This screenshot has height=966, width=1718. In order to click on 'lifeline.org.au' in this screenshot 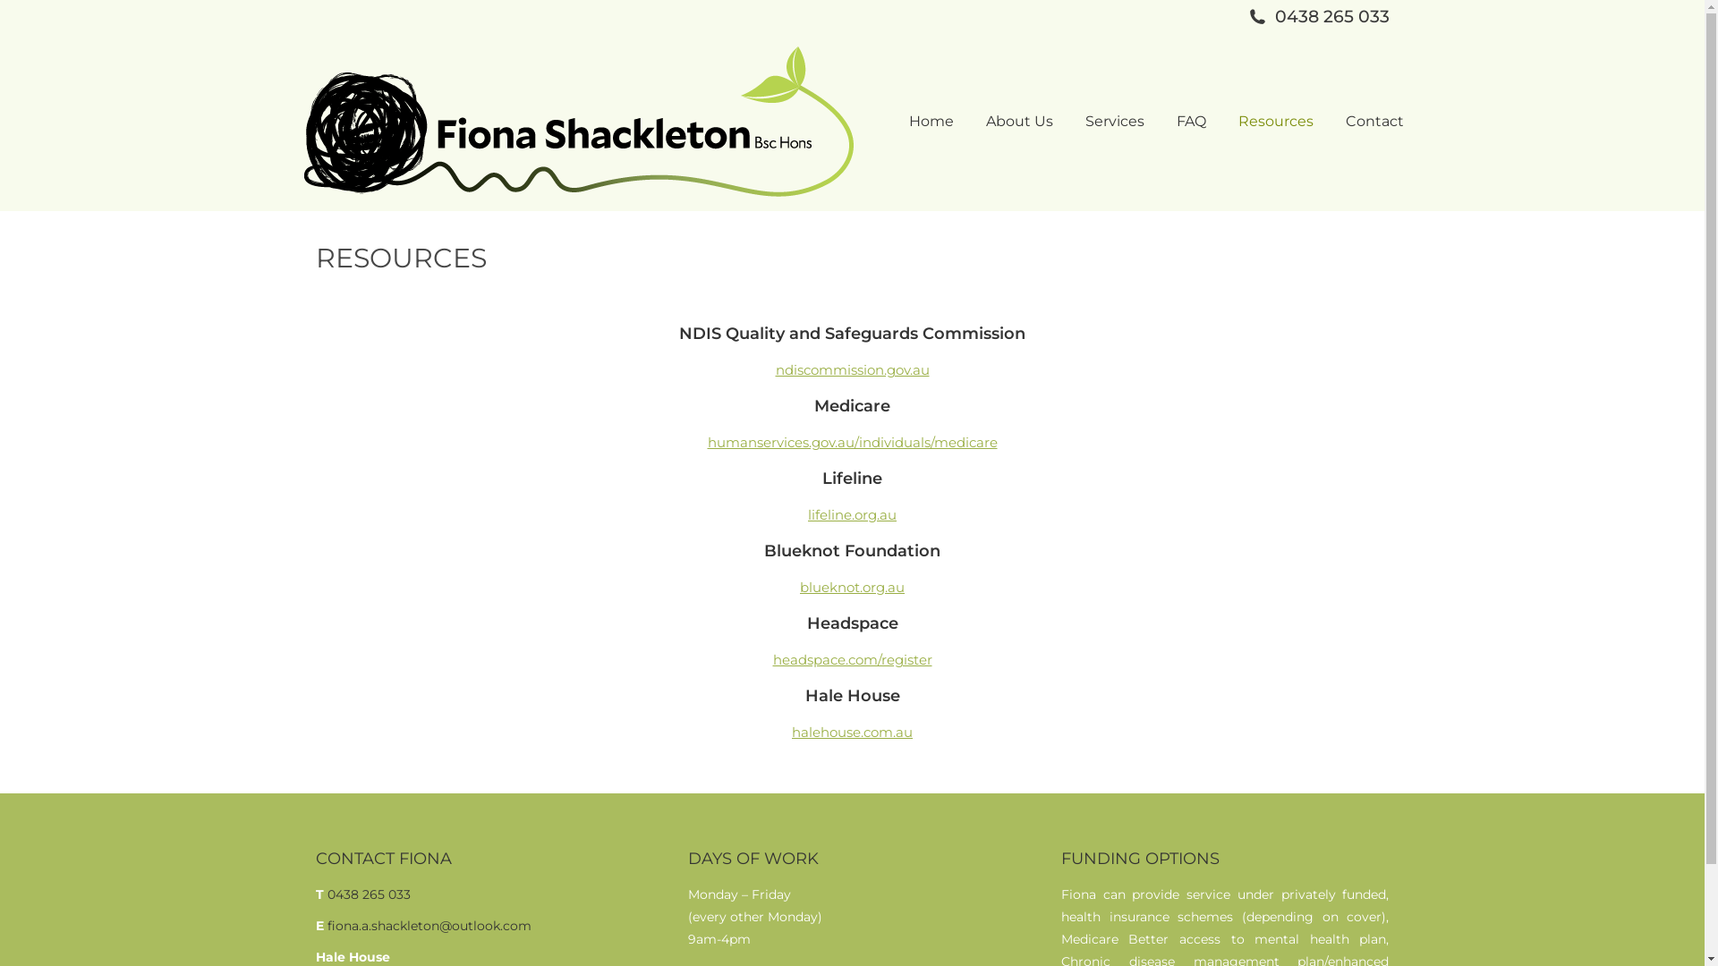, I will do `click(851, 514)`.